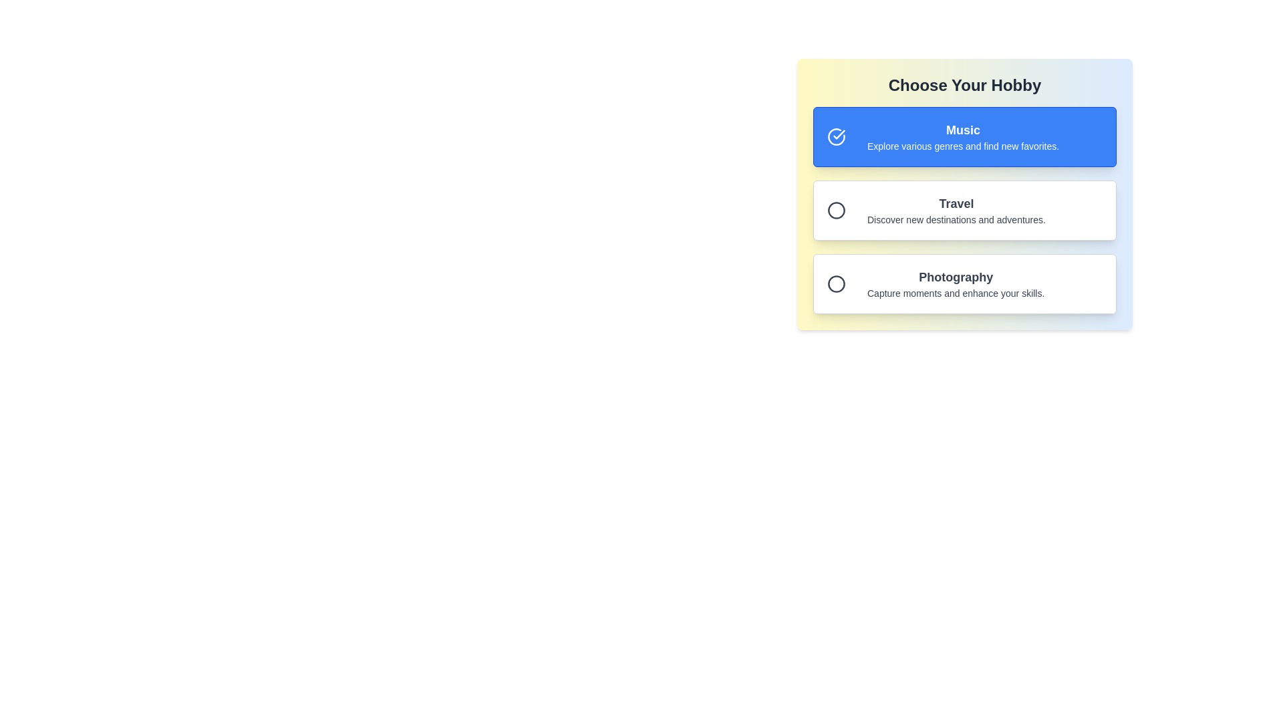  I want to click on the radio button indicator for the 'Photography' option, so click(836, 283).